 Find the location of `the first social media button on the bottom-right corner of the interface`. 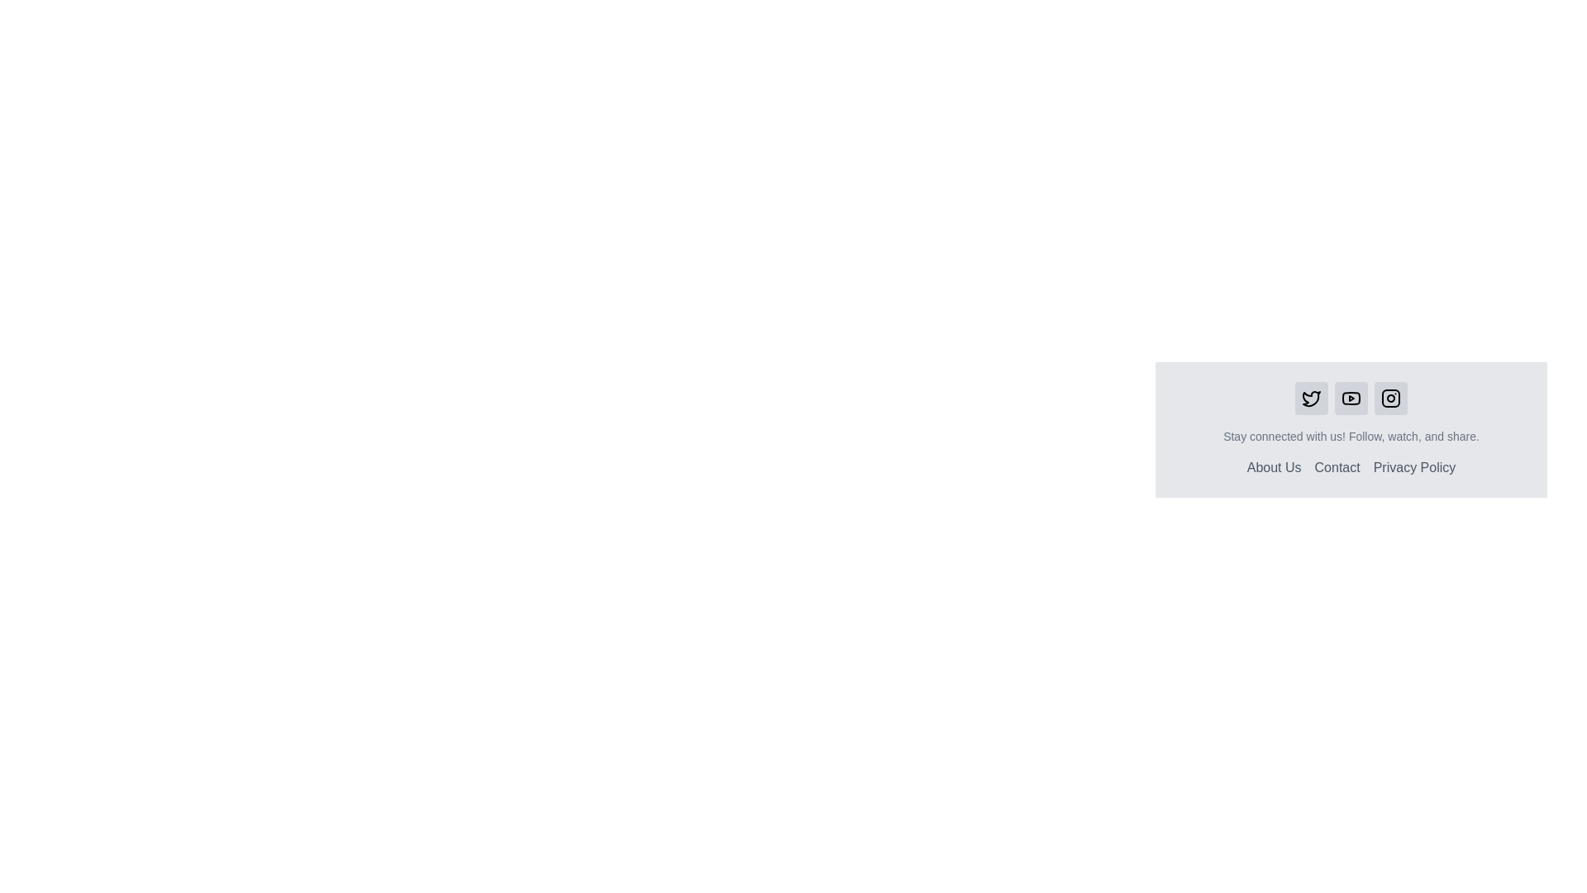

the first social media button on the bottom-right corner of the interface is located at coordinates (1311, 399).